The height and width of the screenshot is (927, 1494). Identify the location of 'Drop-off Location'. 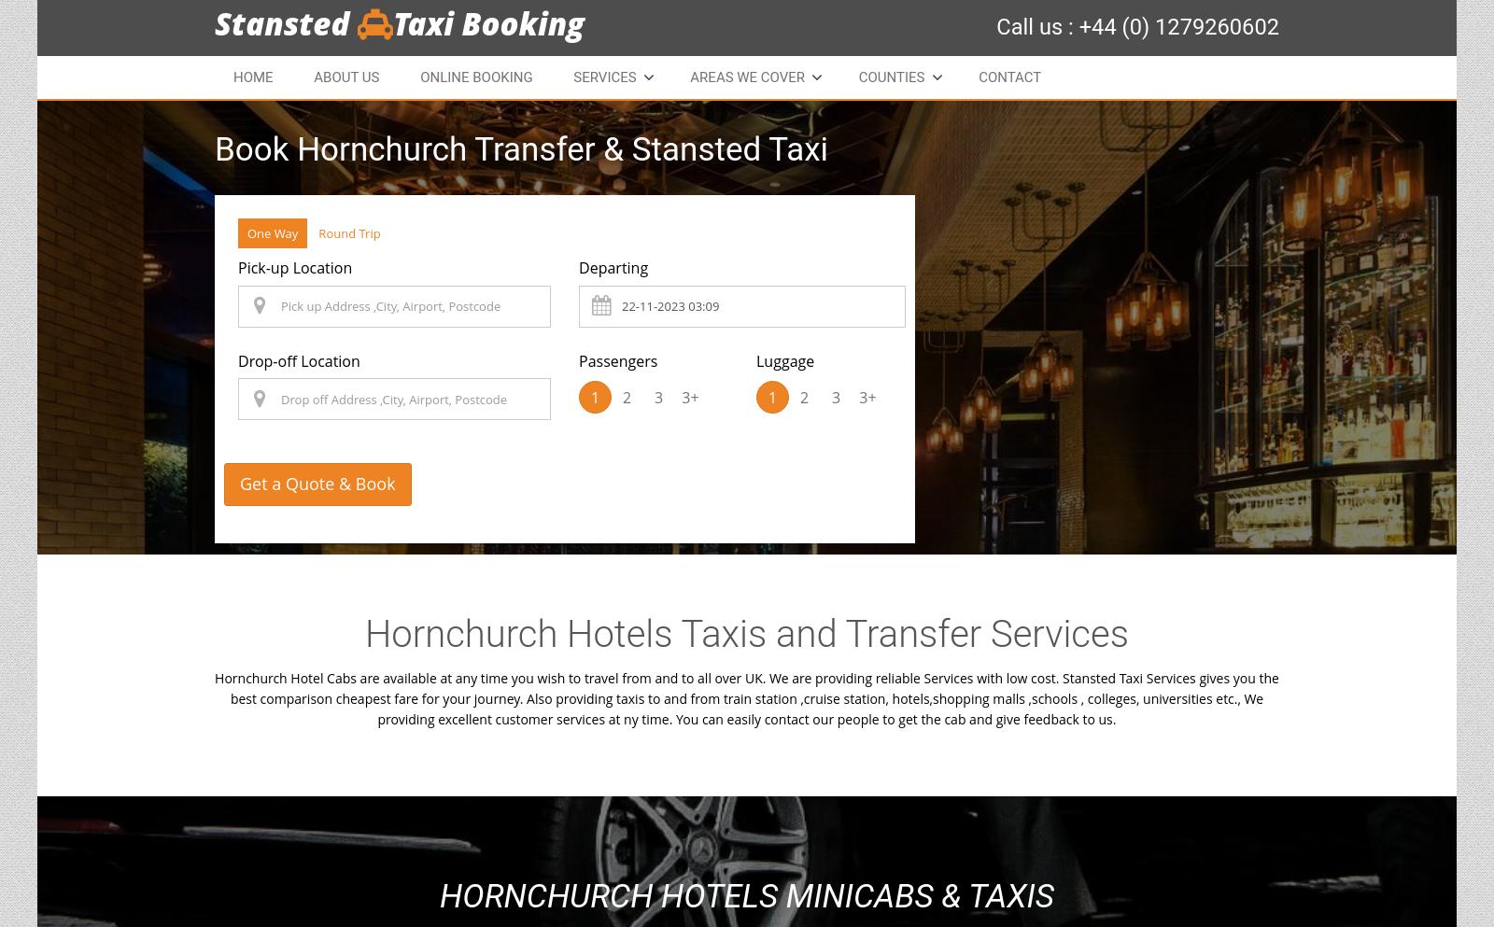
(299, 358).